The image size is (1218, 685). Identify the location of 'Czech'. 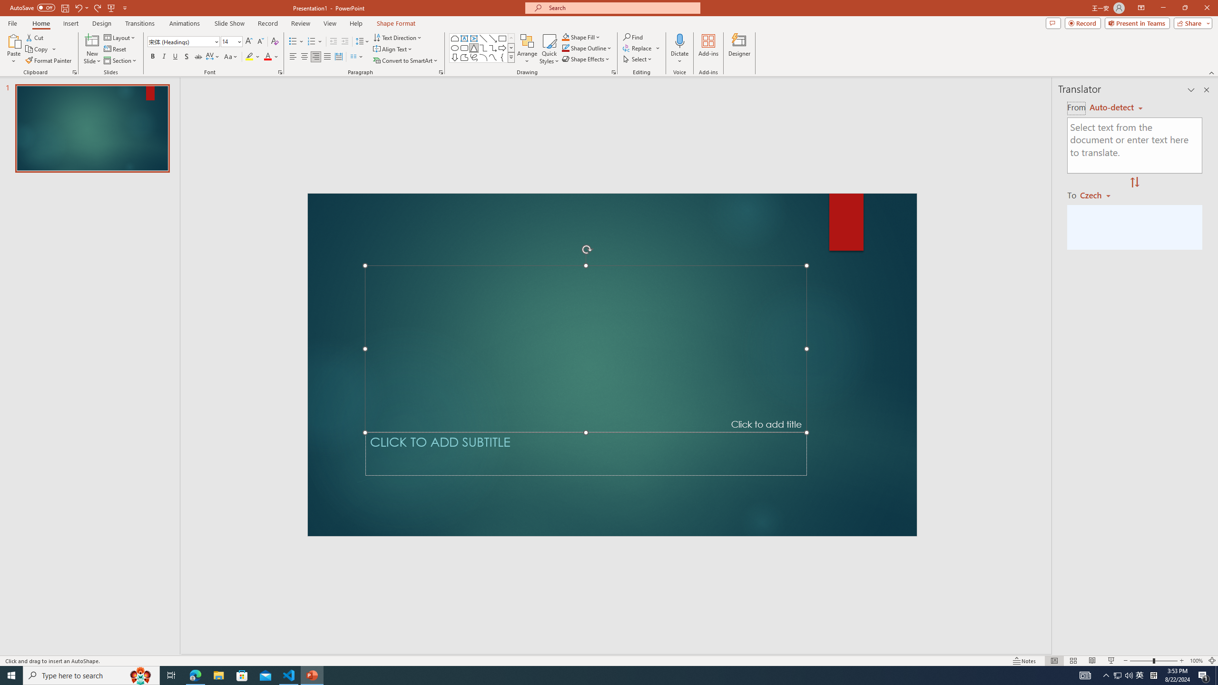
(1099, 195).